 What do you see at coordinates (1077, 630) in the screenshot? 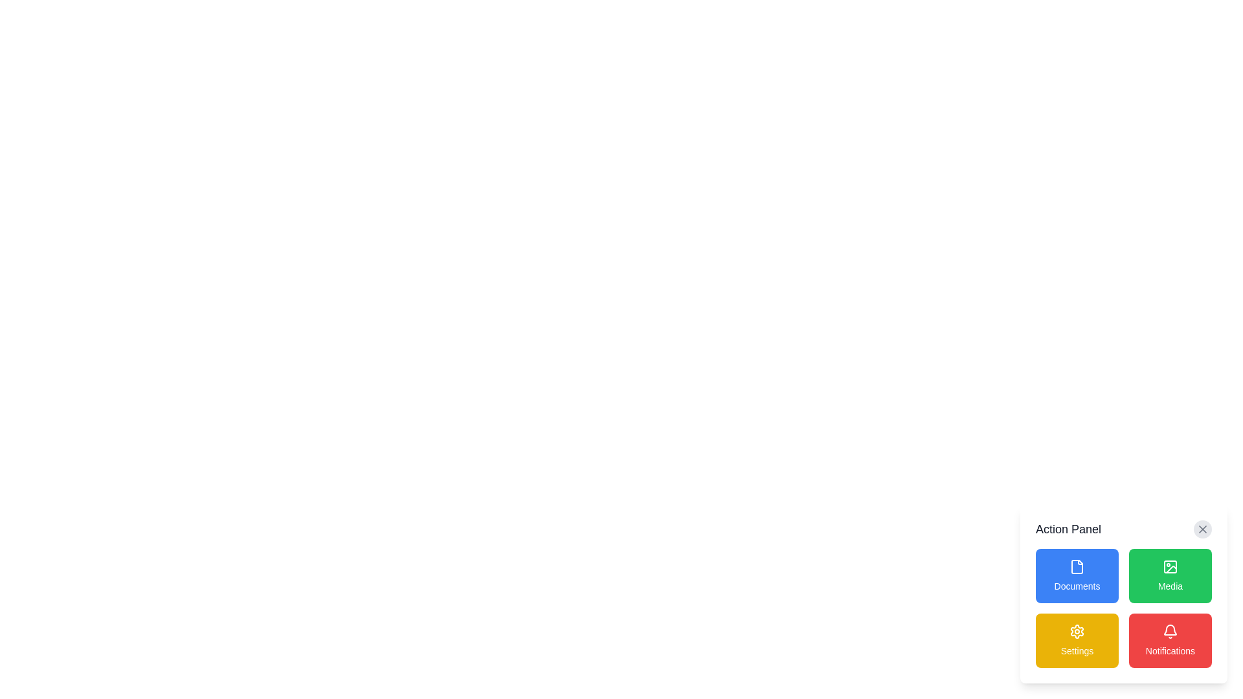
I see `the gear icon in the 'Settings' section of the Action Panel` at bounding box center [1077, 630].